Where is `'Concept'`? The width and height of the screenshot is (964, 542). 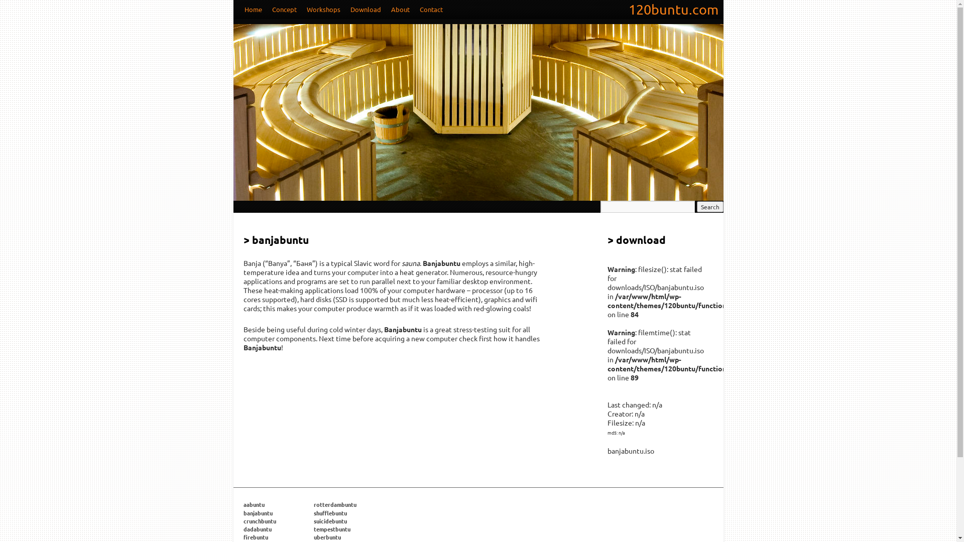 'Concept' is located at coordinates (284, 10).